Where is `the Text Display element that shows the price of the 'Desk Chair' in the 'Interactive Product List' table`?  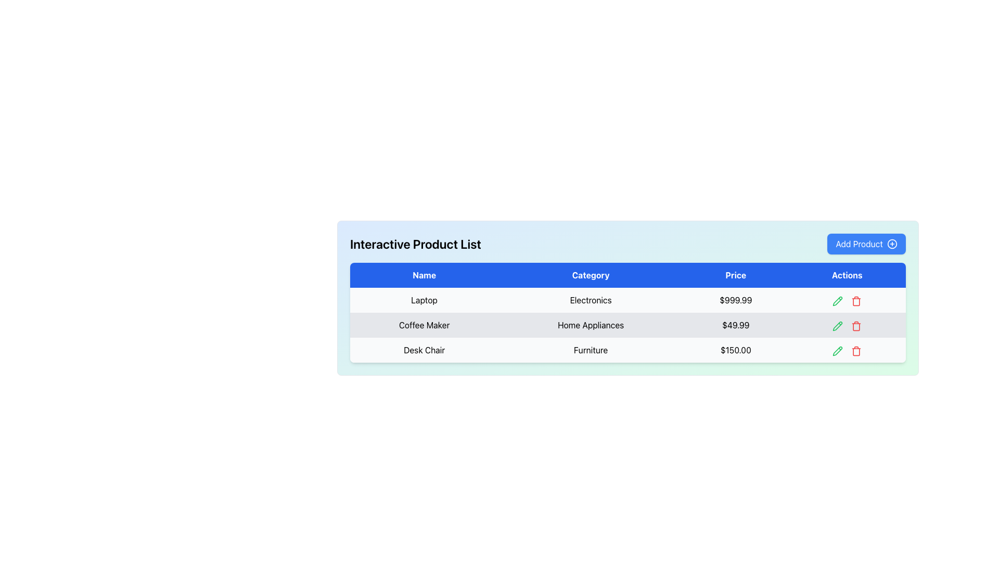
the Text Display element that shows the price of the 'Desk Chair' in the 'Interactive Product List' table is located at coordinates (735, 350).